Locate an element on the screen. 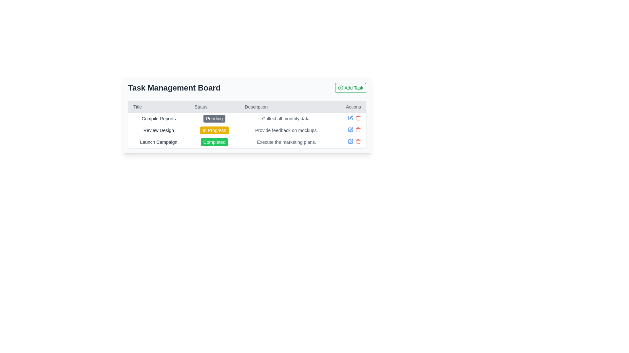 This screenshot has width=629, height=353. the Data Table within the 'Task Management Board' to interact with task management buttons for editing or deleting tasks is located at coordinates (247, 125).